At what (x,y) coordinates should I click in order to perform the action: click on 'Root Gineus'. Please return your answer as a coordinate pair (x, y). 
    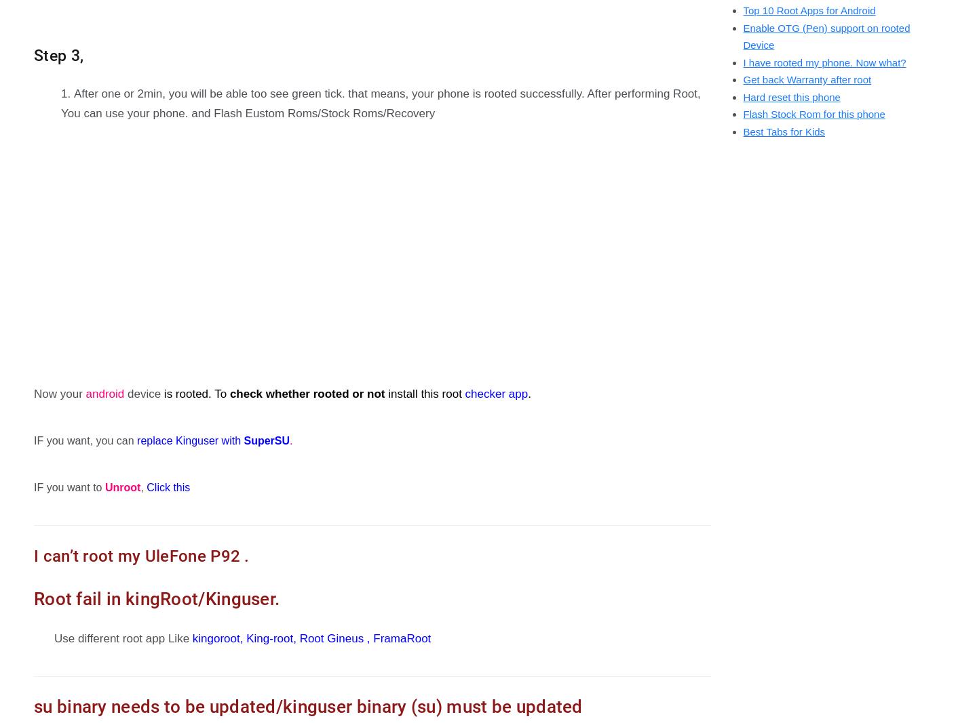
    Looking at the image, I should click on (330, 638).